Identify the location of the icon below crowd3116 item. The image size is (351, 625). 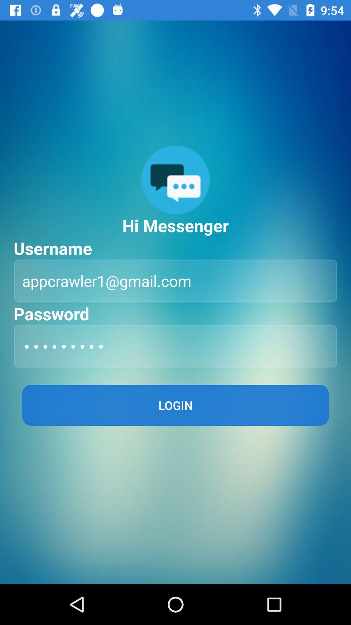
(175, 405).